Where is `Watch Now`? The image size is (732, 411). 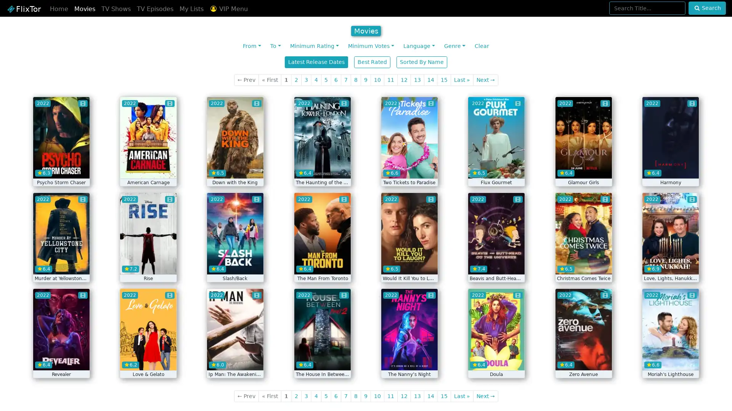
Watch Now is located at coordinates (60, 263).